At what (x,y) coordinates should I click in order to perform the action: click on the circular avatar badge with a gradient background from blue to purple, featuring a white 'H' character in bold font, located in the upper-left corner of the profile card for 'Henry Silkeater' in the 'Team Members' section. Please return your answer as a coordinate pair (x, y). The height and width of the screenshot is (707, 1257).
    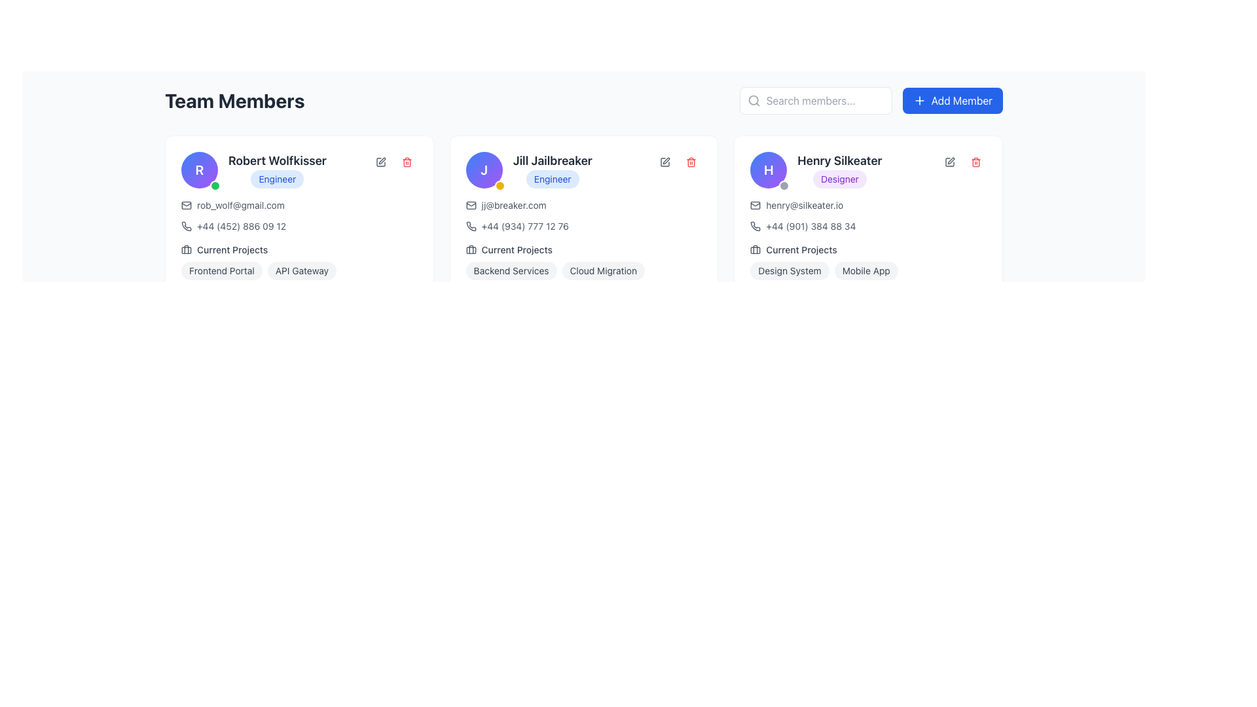
    Looking at the image, I should click on (769, 169).